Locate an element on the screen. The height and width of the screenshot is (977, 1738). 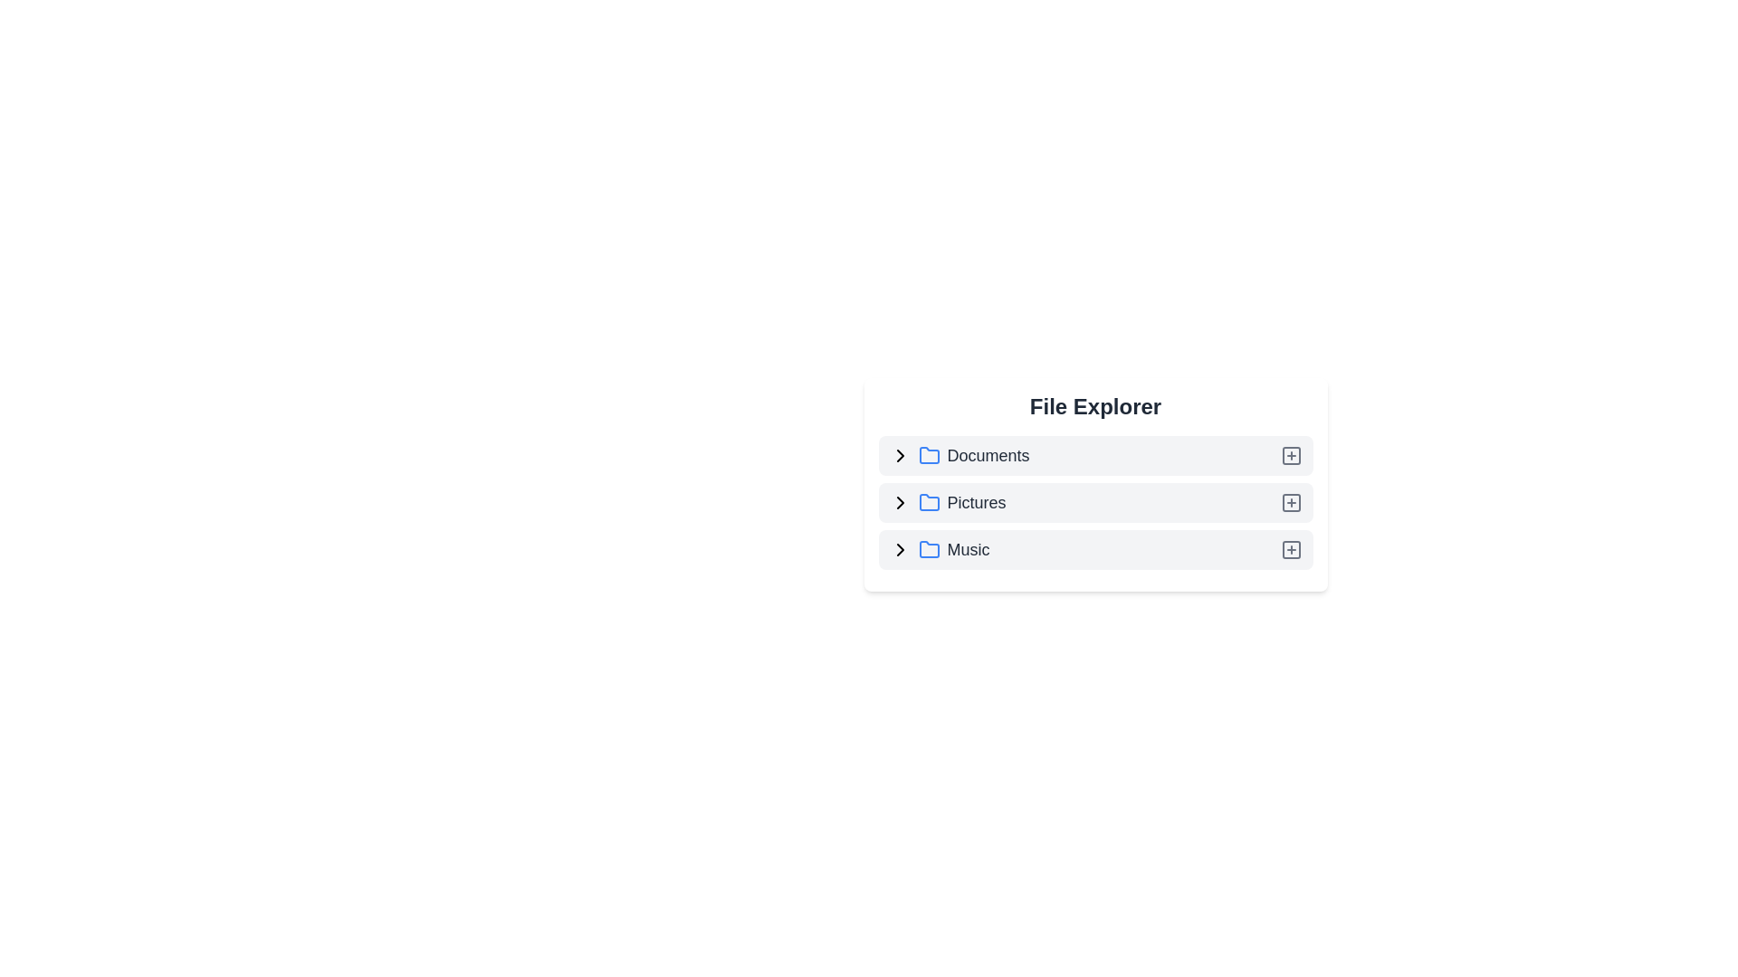
the add icon next to Documents is located at coordinates (1290, 455).